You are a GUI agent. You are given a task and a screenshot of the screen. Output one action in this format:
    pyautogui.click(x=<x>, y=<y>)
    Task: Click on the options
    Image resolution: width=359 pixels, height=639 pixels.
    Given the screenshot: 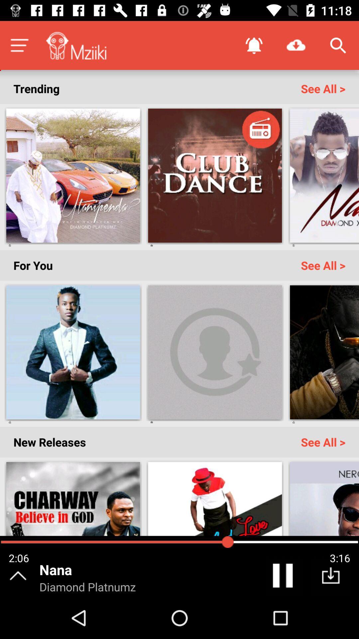 What is the action you would take?
    pyautogui.click(x=19, y=45)
    